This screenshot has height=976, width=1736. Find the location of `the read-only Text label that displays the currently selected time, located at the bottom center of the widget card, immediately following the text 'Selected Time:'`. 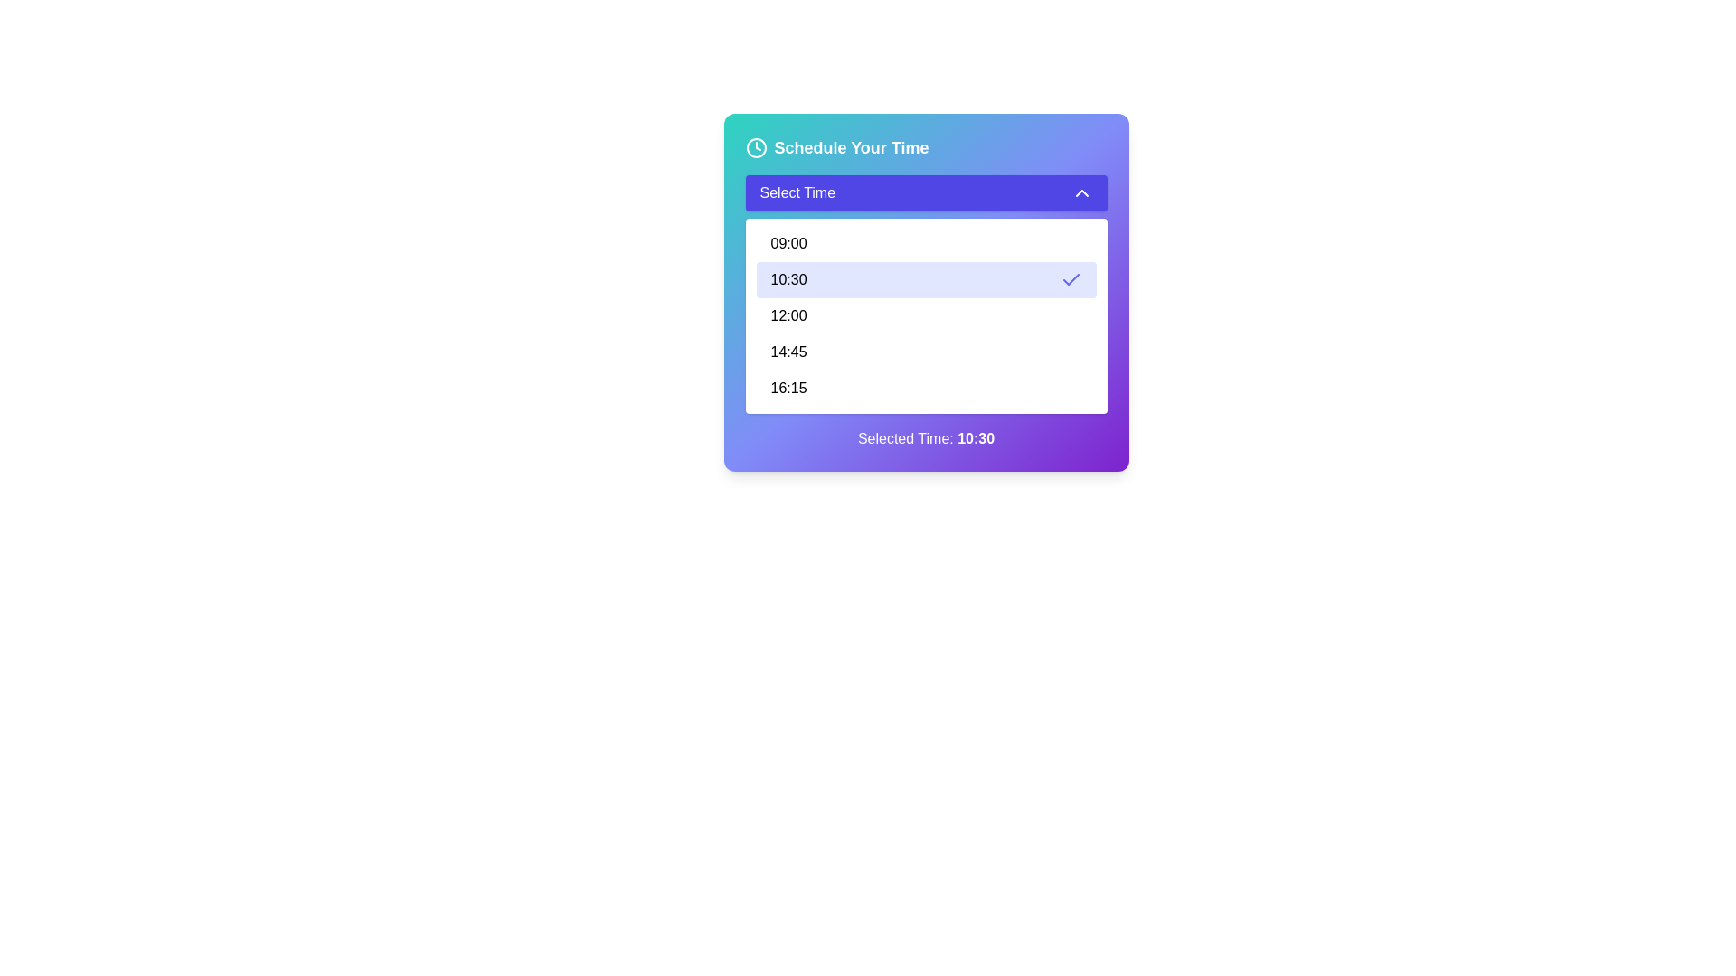

the read-only Text label that displays the currently selected time, located at the bottom center of the widget card, immediately following the text 'Selected Time:' is located at coordinates (975, 438).